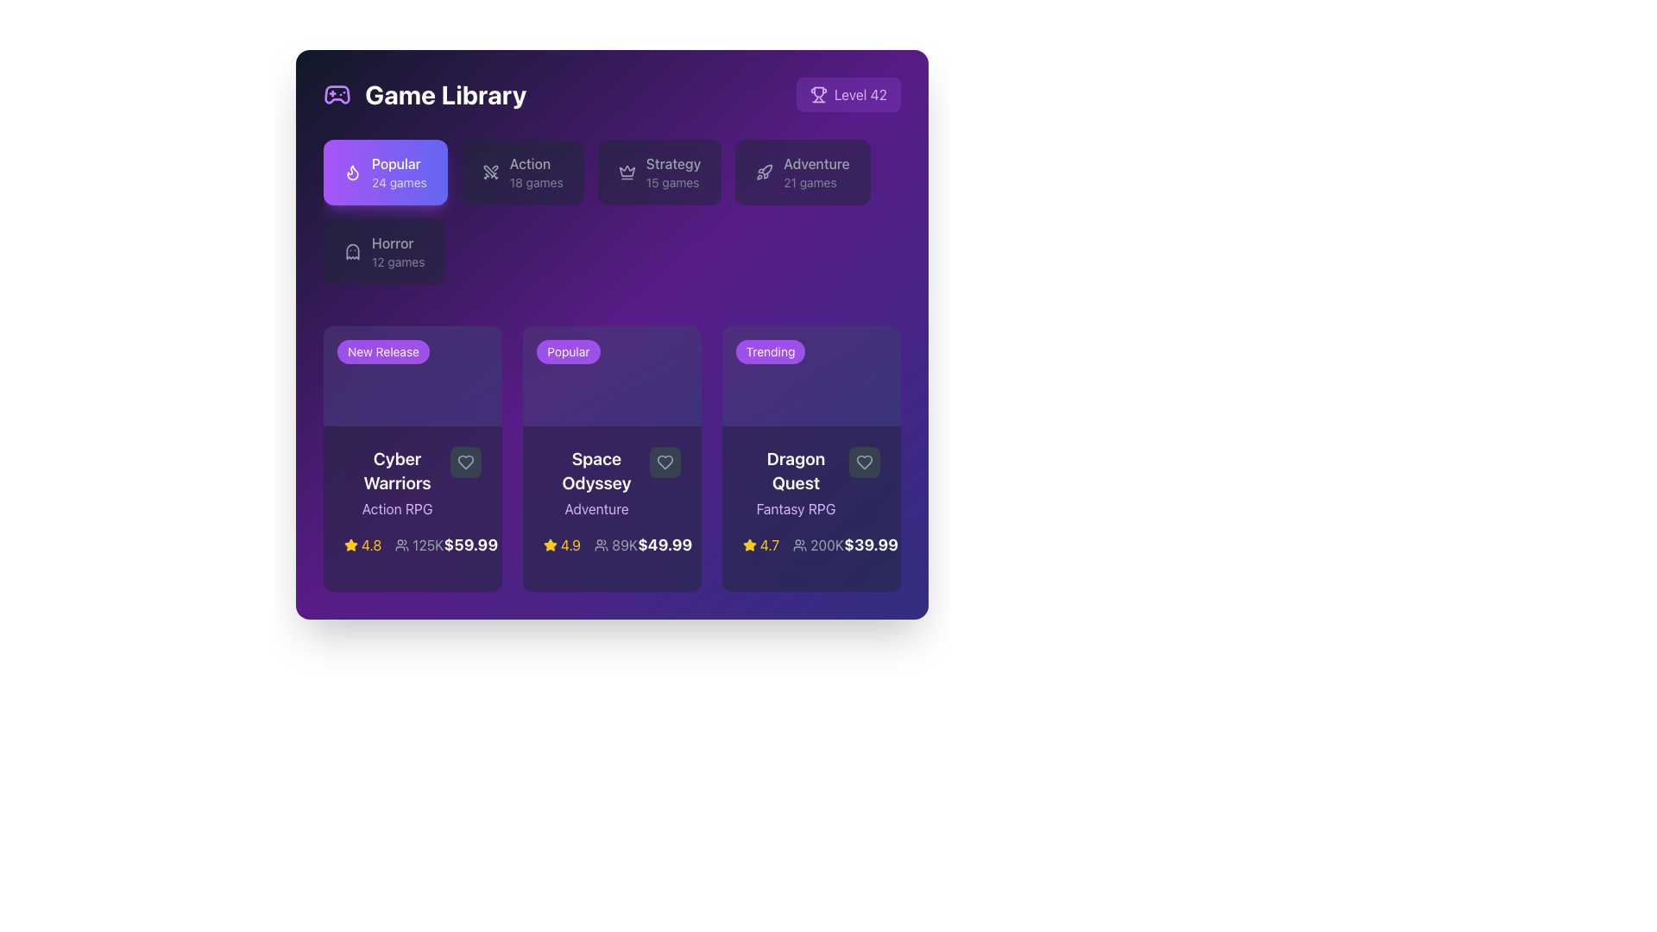 The image size is (1657, 932). Describe the element at coordinates (665, 462) in the screenshot. I see `the small gray heart icon located in the card for the game 'Space Odyssey' to mark the game as a favorite` at that location.